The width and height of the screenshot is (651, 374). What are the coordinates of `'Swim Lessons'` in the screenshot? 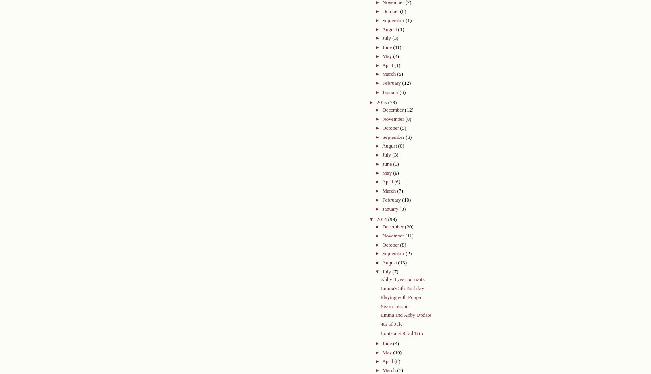 It's located at (395, 306).